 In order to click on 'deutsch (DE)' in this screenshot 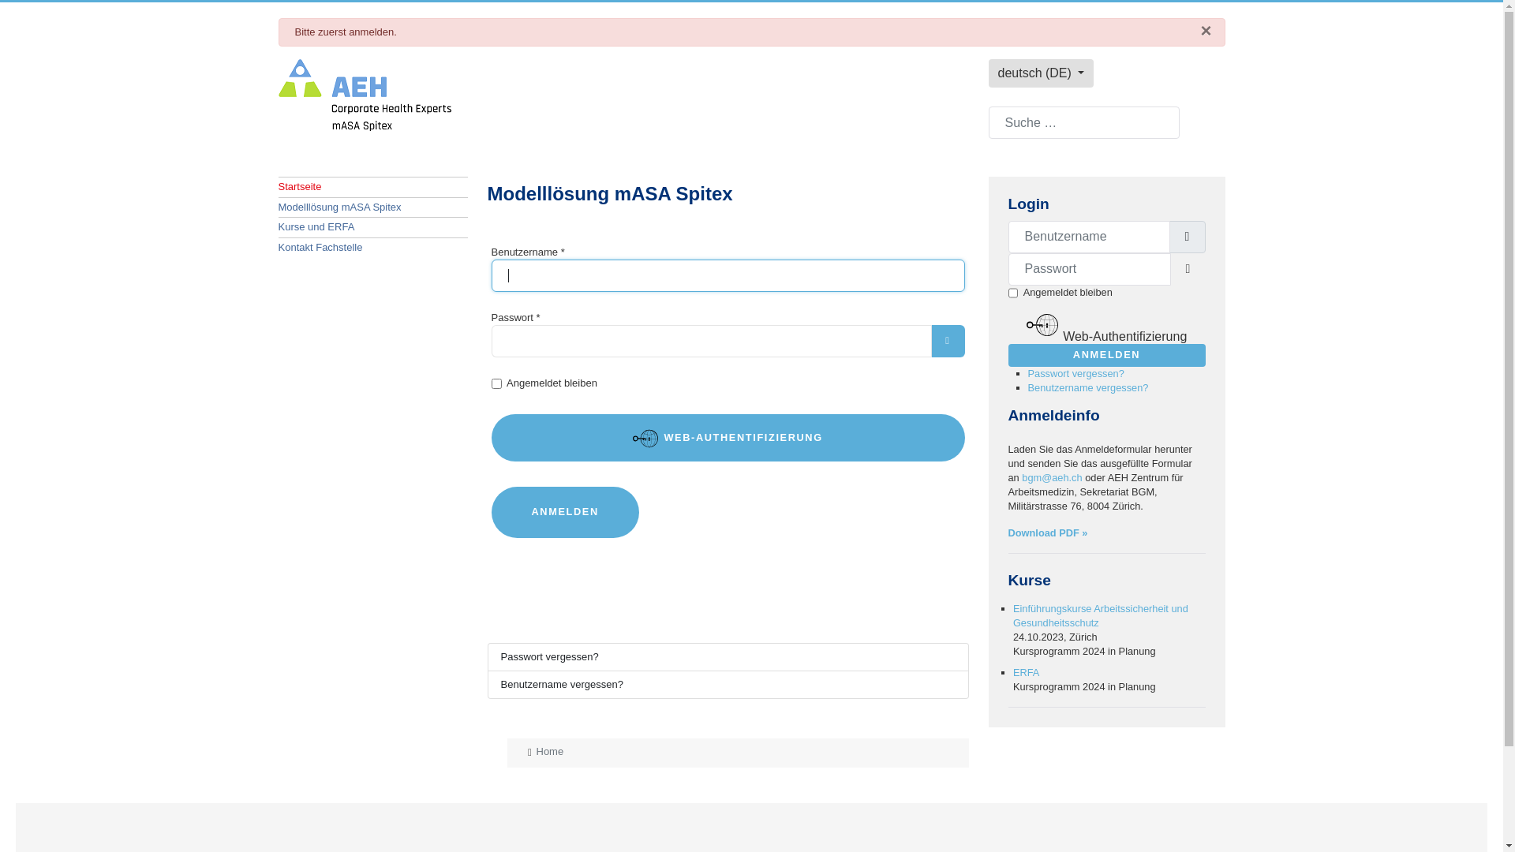, I will do `click(1041, 73)`.